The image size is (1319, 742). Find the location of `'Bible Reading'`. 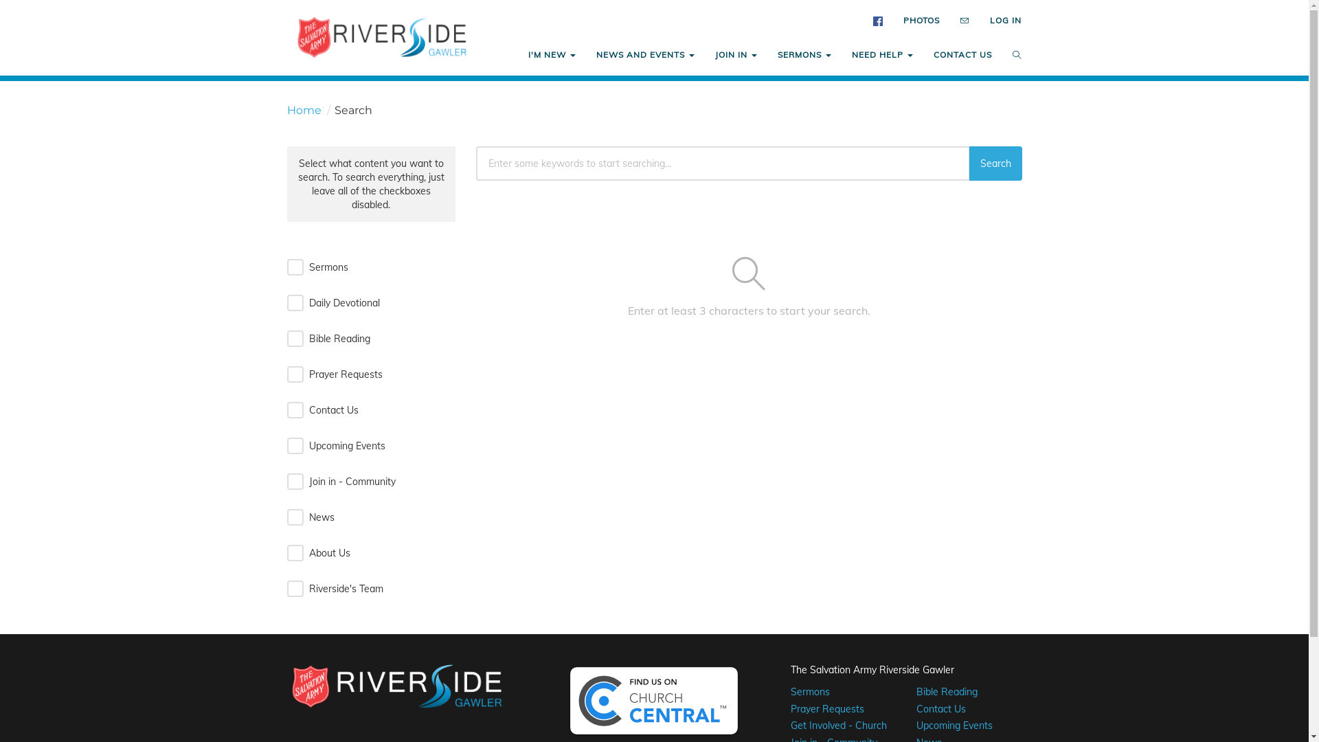

'Bible Reading' is located at coordinates (946, 691).